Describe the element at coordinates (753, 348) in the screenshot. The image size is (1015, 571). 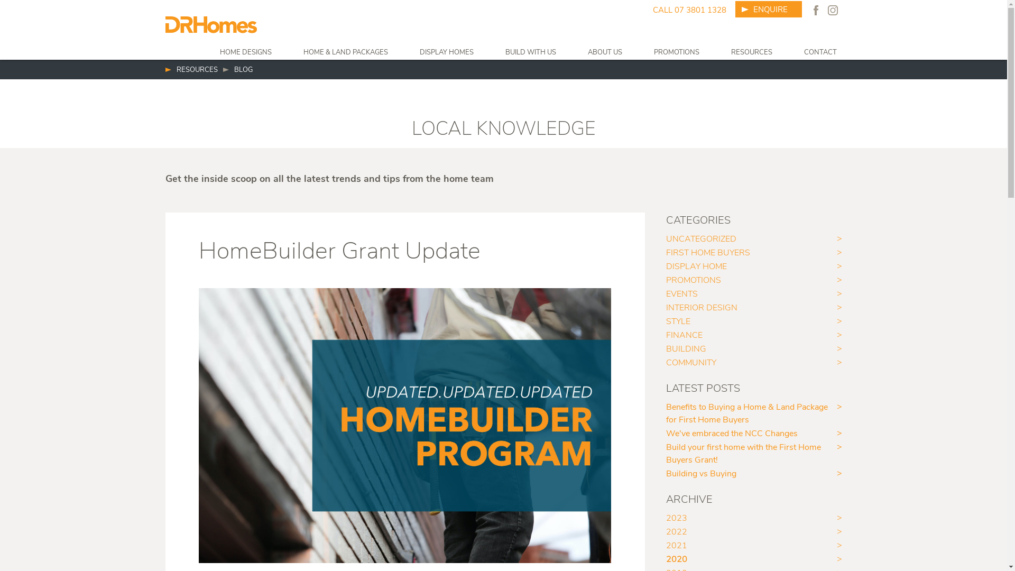
I see `'BUILDING'` at that location.